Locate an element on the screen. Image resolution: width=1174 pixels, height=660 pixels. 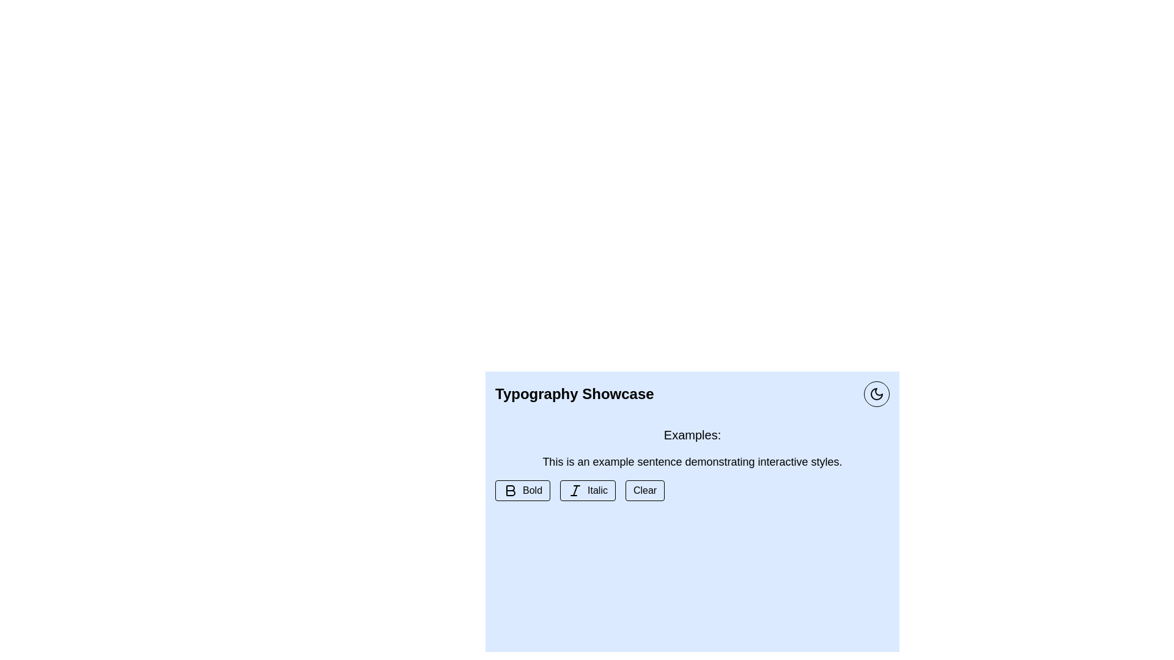
the second button in a horizontal group that toggles italics formatting on the selected text within the text editor is located at coordinates (588, 490).